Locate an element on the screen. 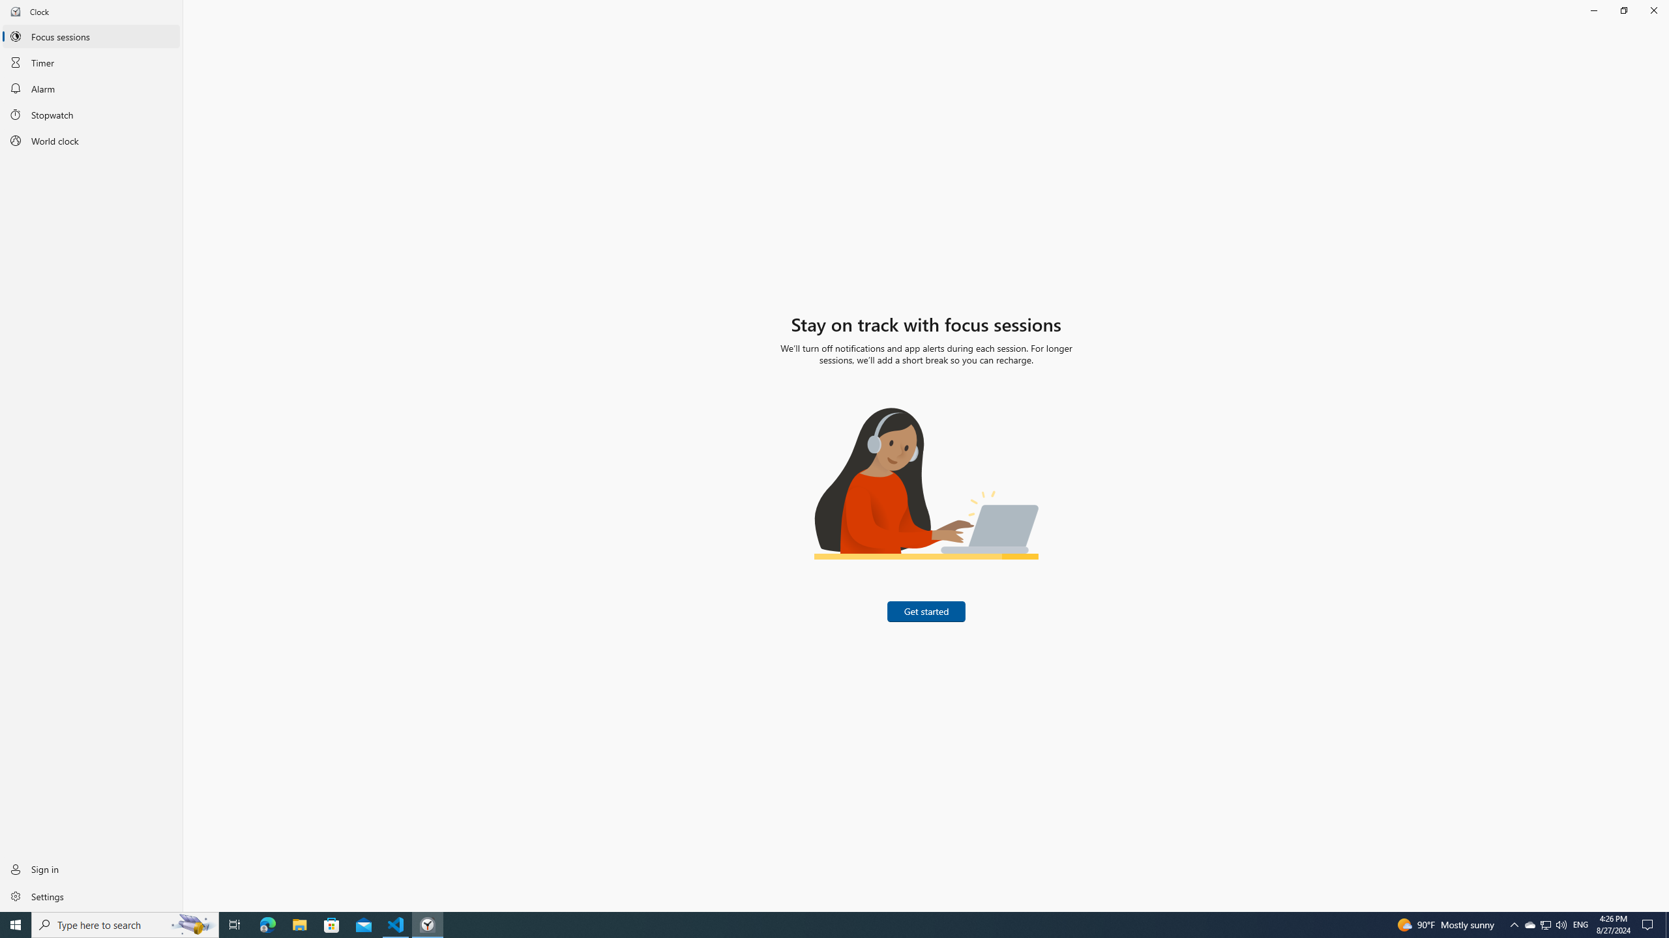 The width and height of the screenshot is (1669, 938). 'Get started' is located at coordinates (927, 611).